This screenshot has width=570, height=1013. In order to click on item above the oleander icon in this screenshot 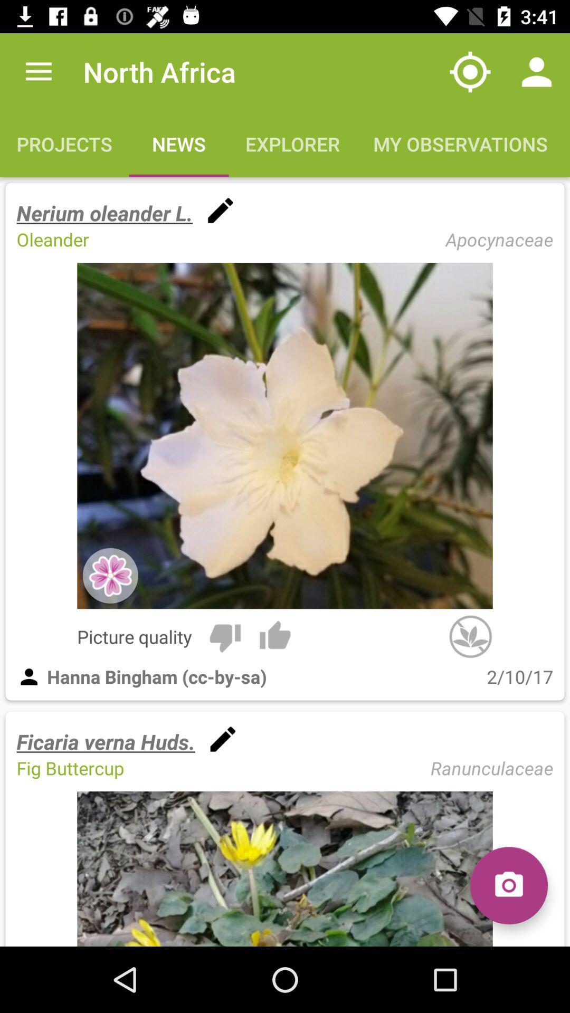, I will do `click(104, 212)`.